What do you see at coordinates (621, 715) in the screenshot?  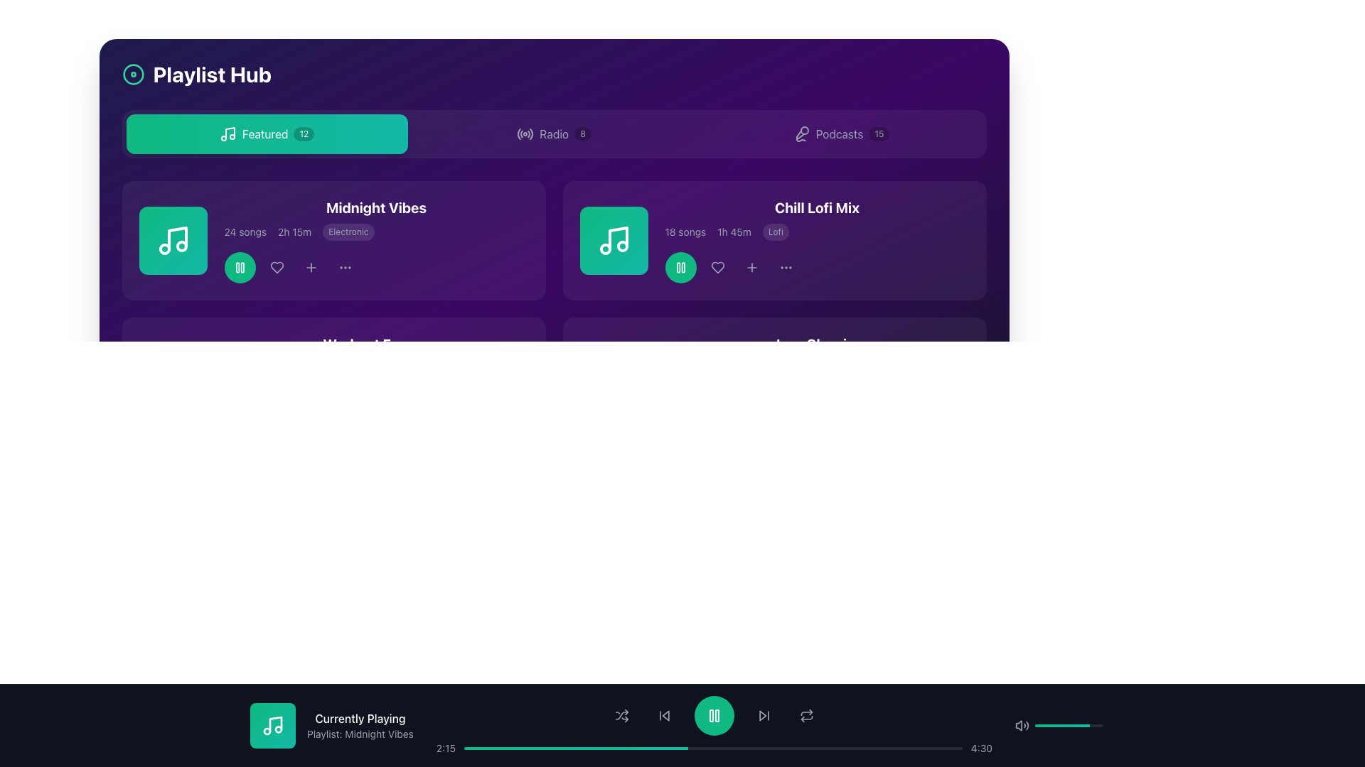 I see `the shuffle IconButton located in the bottom control toolbar` at bounding box center [621, 715].